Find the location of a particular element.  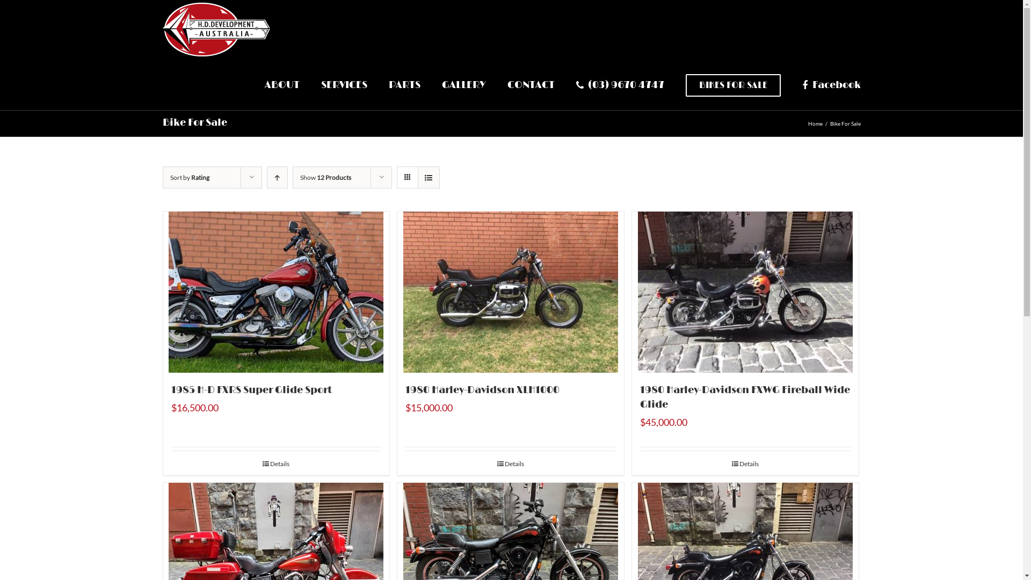

'Details' is located at coordinates (744, 463).